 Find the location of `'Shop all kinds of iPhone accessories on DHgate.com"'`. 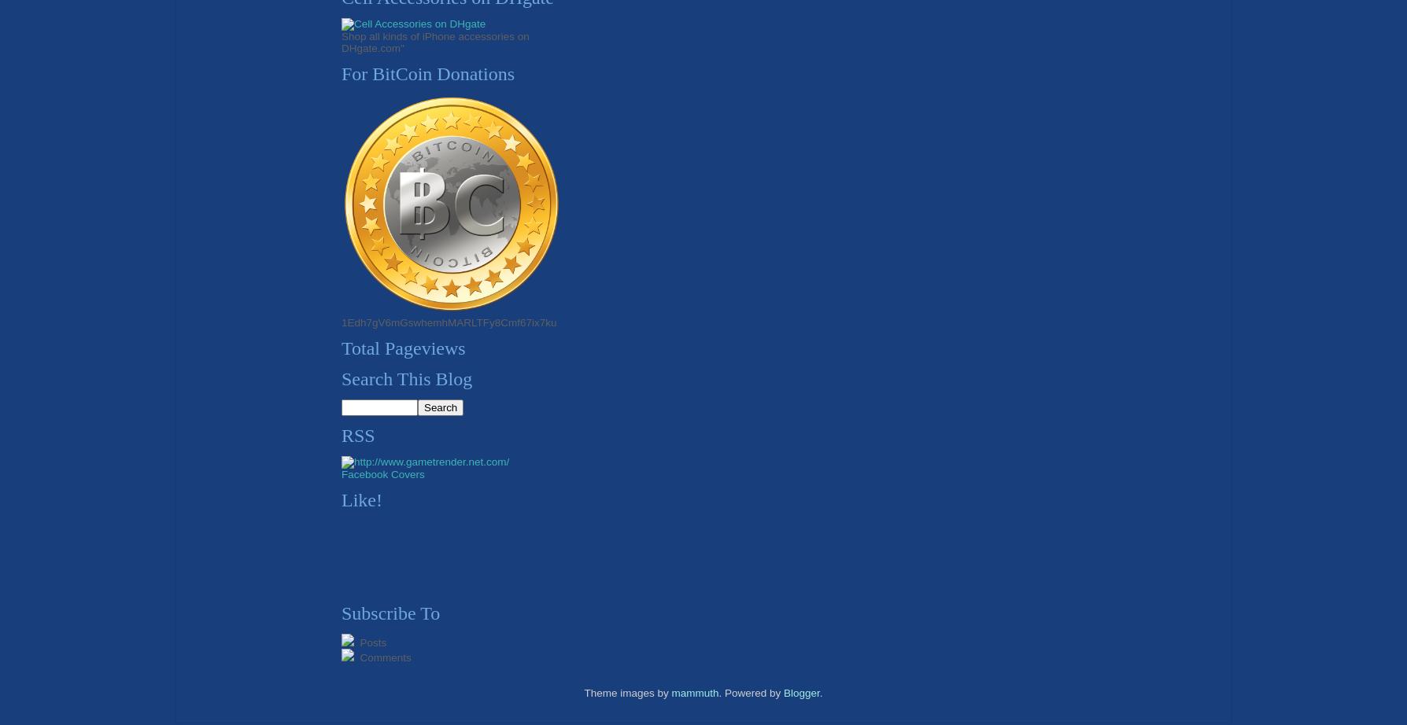

'Shop all kinds of iPhone accessories on DHgate.com"' is located at coordinates (435, 42).